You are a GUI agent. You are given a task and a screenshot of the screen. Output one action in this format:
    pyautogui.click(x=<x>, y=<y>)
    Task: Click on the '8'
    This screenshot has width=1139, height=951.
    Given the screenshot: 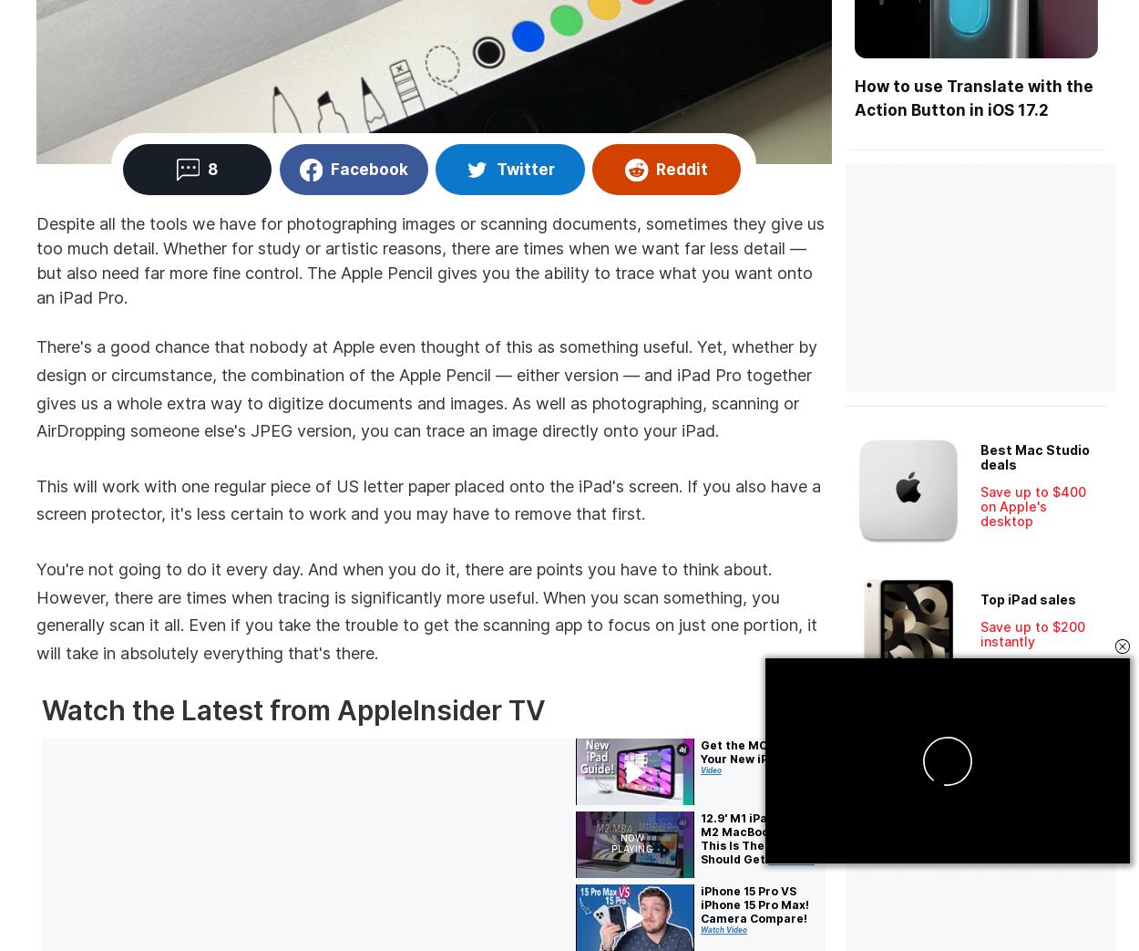 What is the action you would take?
    pyautogui.click(x=210, y=168)
    